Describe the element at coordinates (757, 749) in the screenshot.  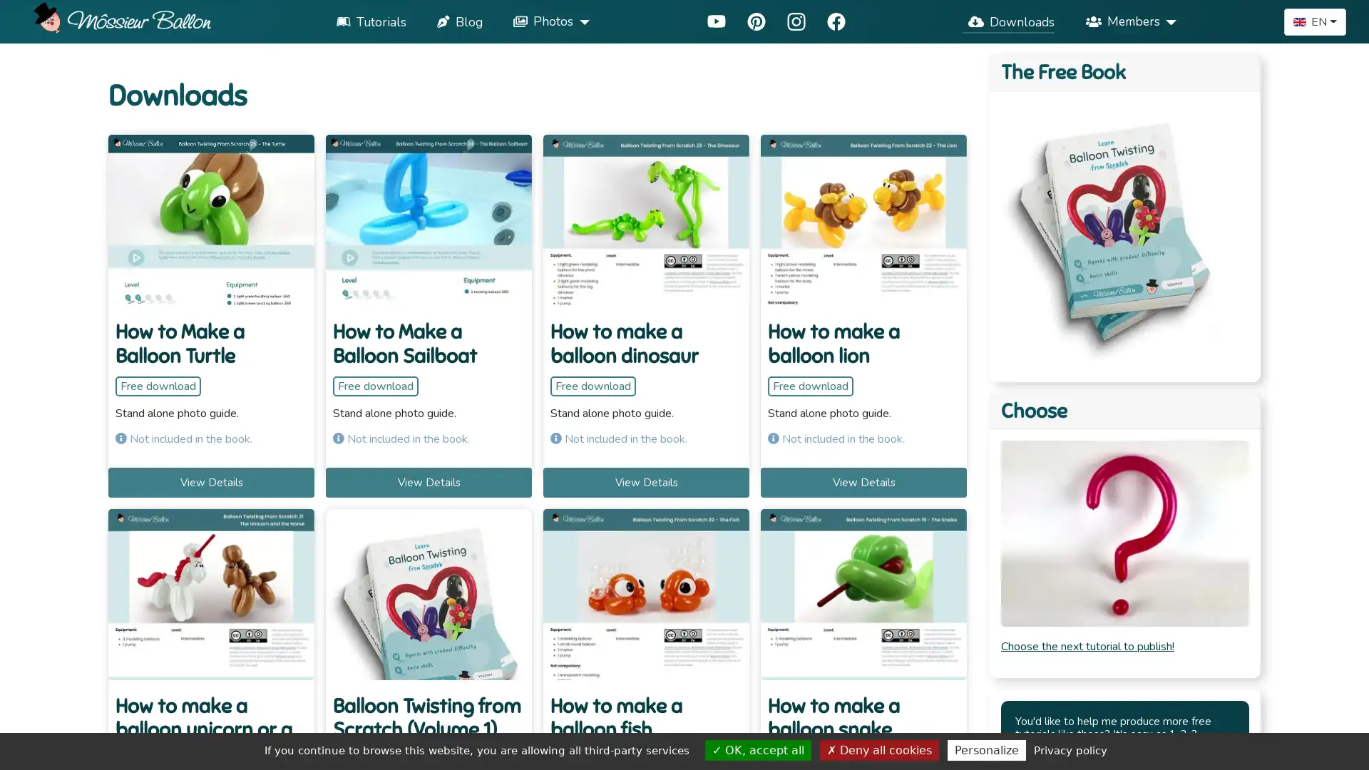
I see `OK, accept all` at that location.